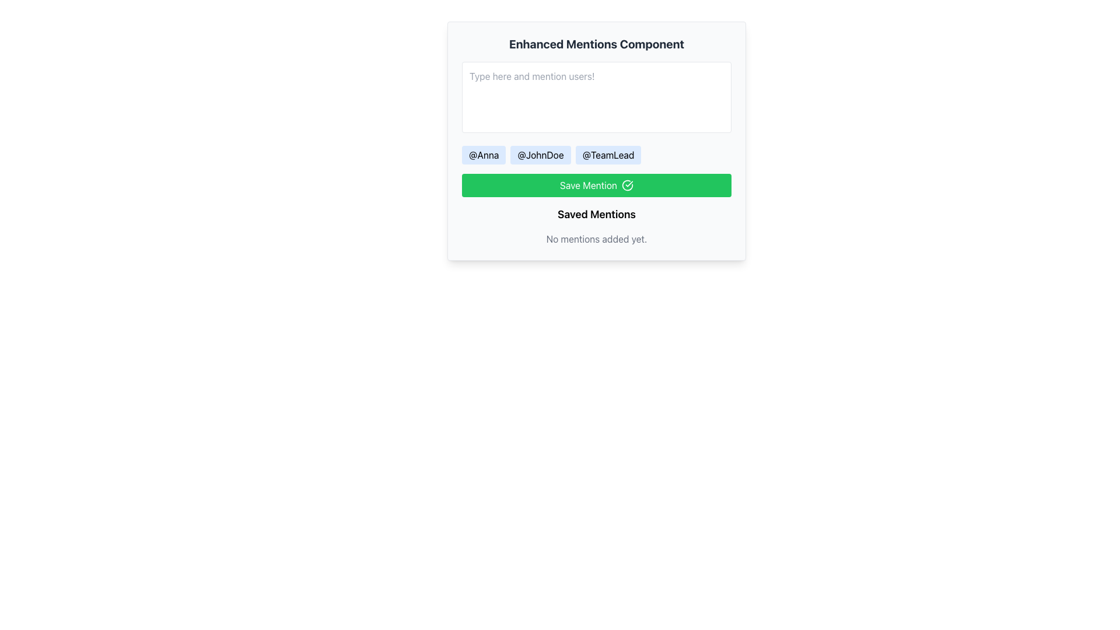  What do you see at coordinates (588, 184) in the screenshot?
I see `the 'Save Mention' text label, which is located within a green button and positioned to the left of a checkmark icon` at bounding box center [588, 184].